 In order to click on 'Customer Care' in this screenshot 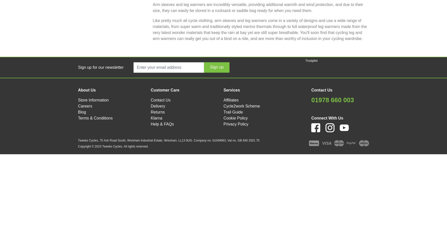, I will do `click(165, 89)`.